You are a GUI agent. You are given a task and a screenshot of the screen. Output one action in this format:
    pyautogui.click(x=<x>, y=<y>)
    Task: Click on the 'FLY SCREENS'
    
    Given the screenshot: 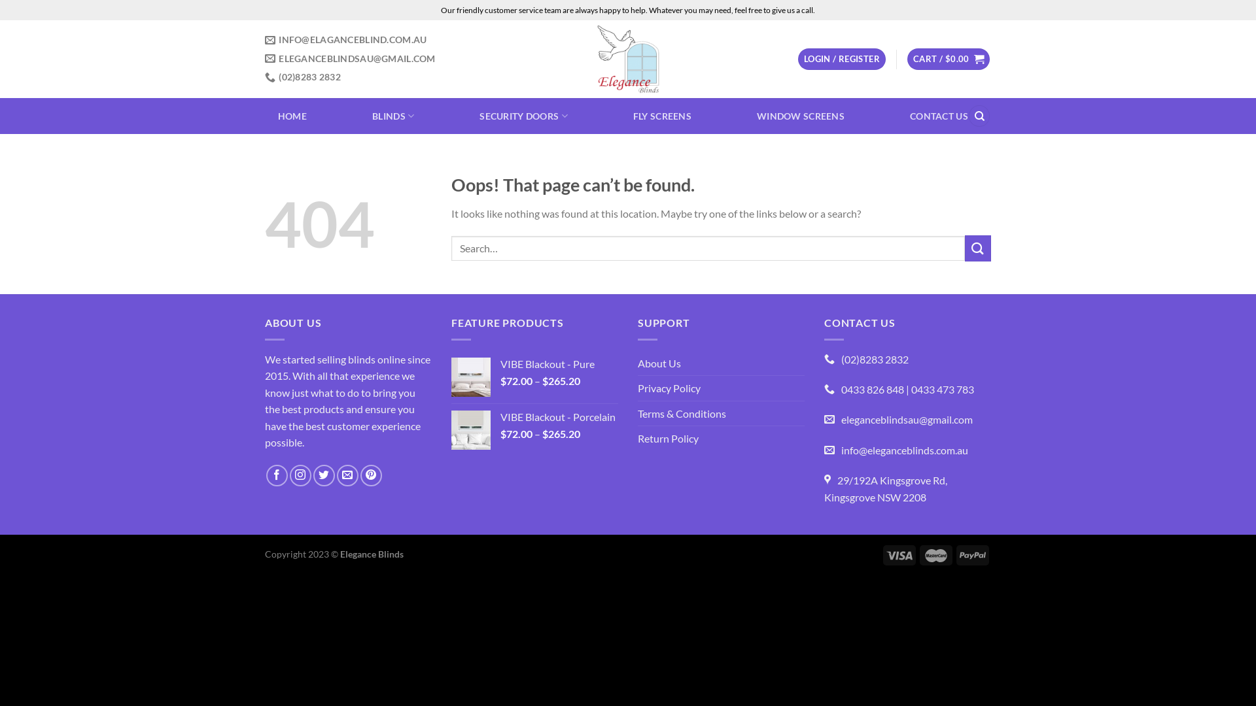 What is the action you would take?
    pyautogui.click(x=633, y=115)
    